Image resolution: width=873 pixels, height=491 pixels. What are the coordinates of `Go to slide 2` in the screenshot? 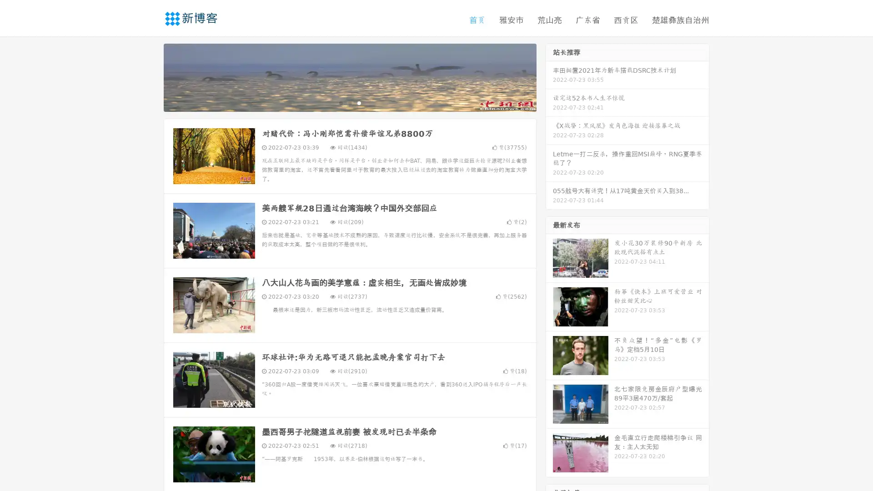 It's located at (349, 102).